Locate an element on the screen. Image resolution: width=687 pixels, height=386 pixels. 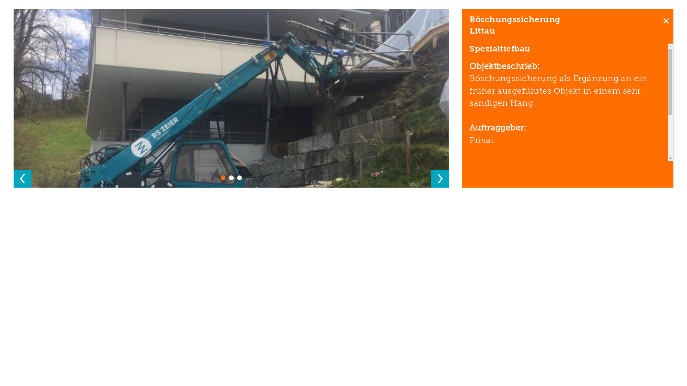
'2' is located at coordinates (231, 177).